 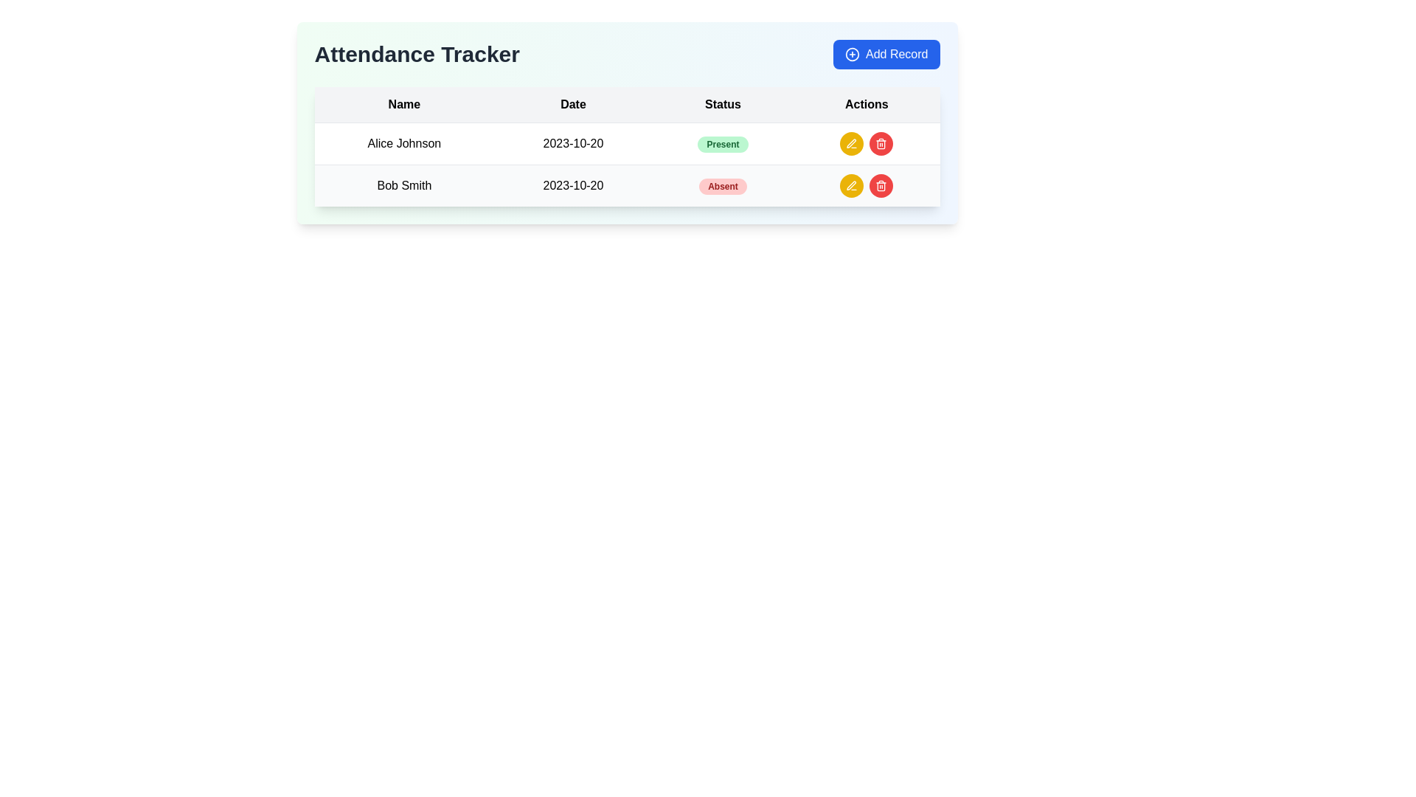 I want to click on the data in the first data row of the attendance table, which includes the person's name, attendance date, and status, so click(x=627, y=144).